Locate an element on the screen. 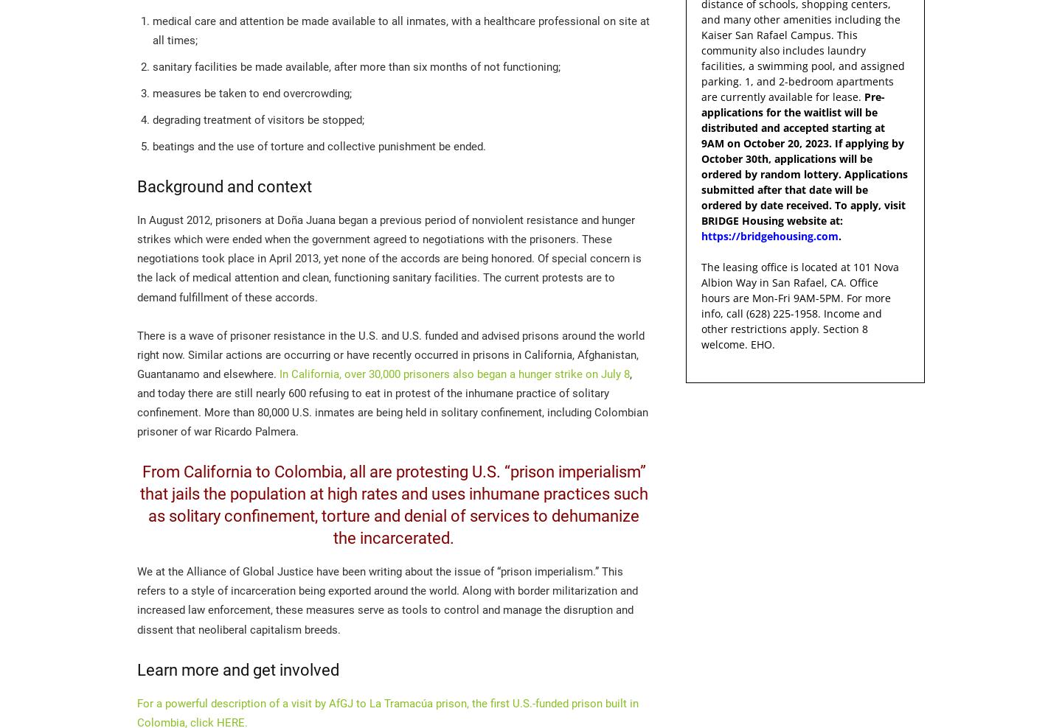 The image size is (1062, 728). 'There is a wave of prisoner resistance in the U.S. and U.S. funded and advised prisons around the world right now. Similar actions are occurring or have recently occurred in prisons in California, Afghanistan, Guantanamo and elsewhere.' is located at coordinates (390, 354).